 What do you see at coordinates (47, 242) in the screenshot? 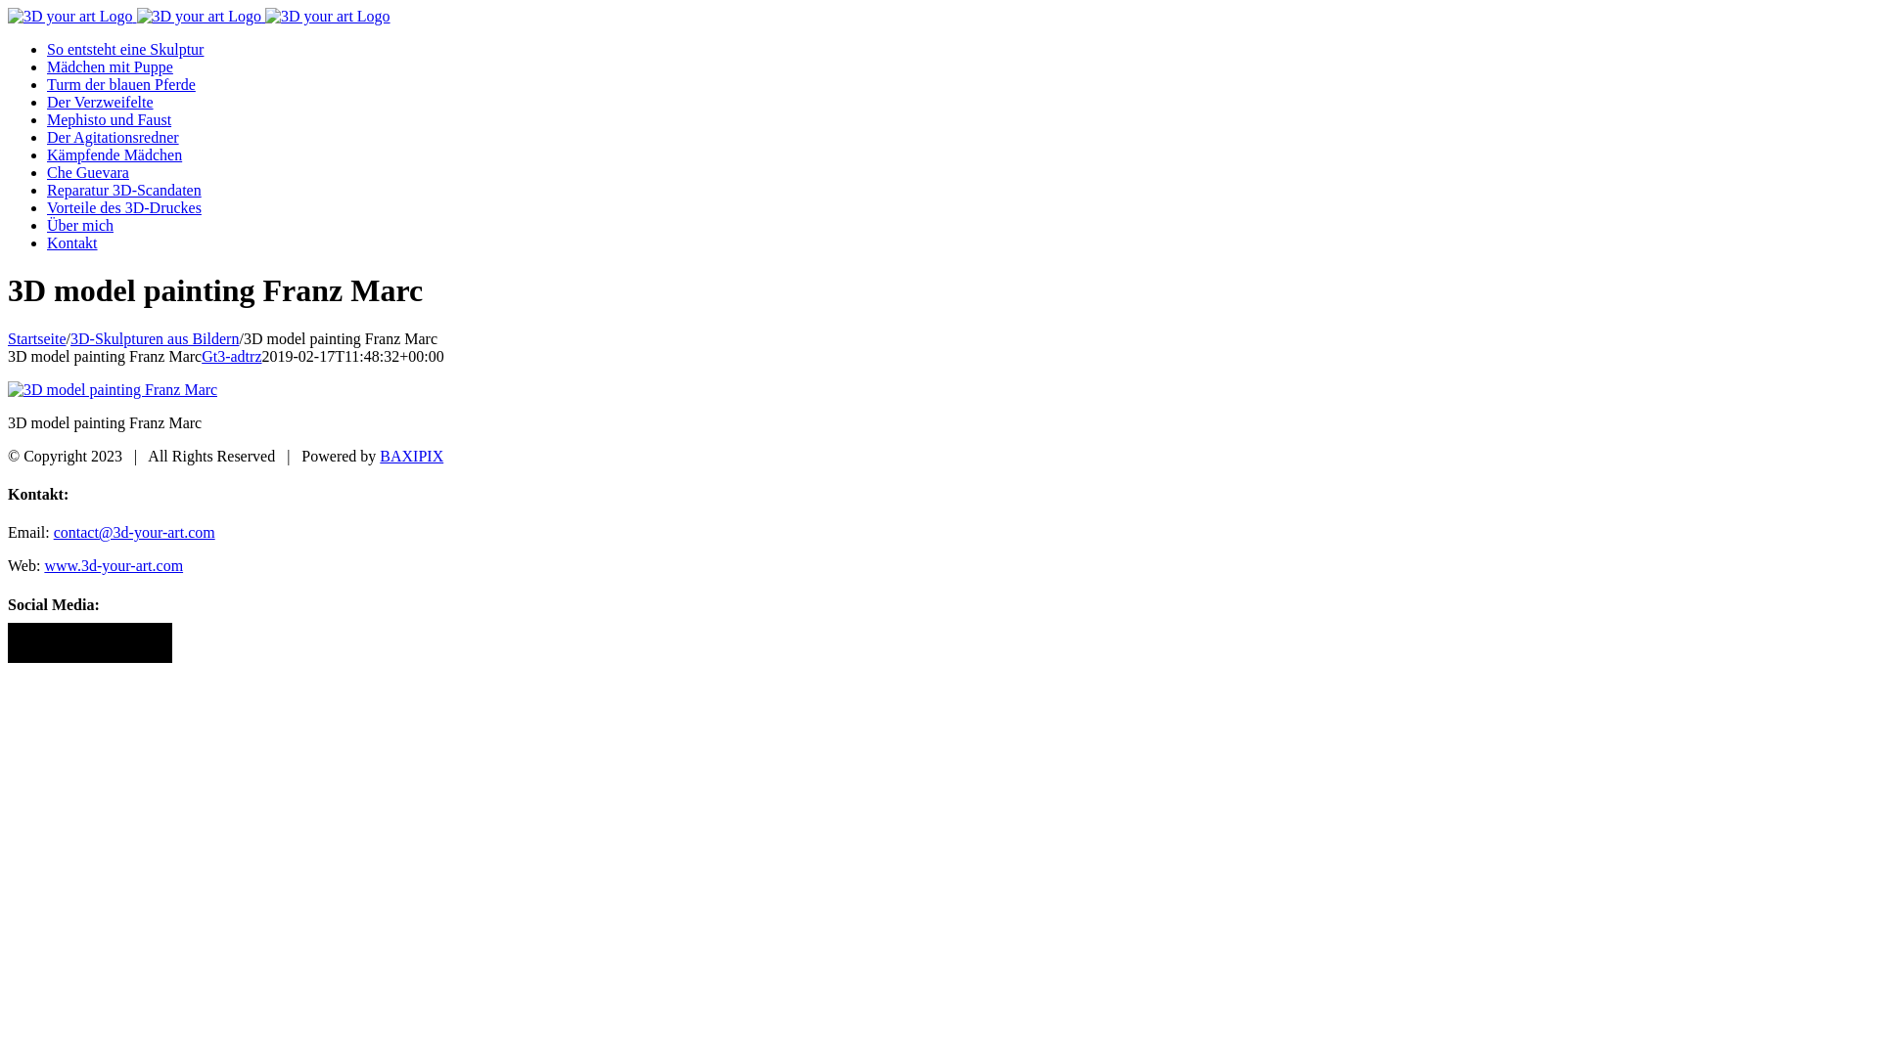
I see `'Kontakt'` at bounding box center [47, 242].